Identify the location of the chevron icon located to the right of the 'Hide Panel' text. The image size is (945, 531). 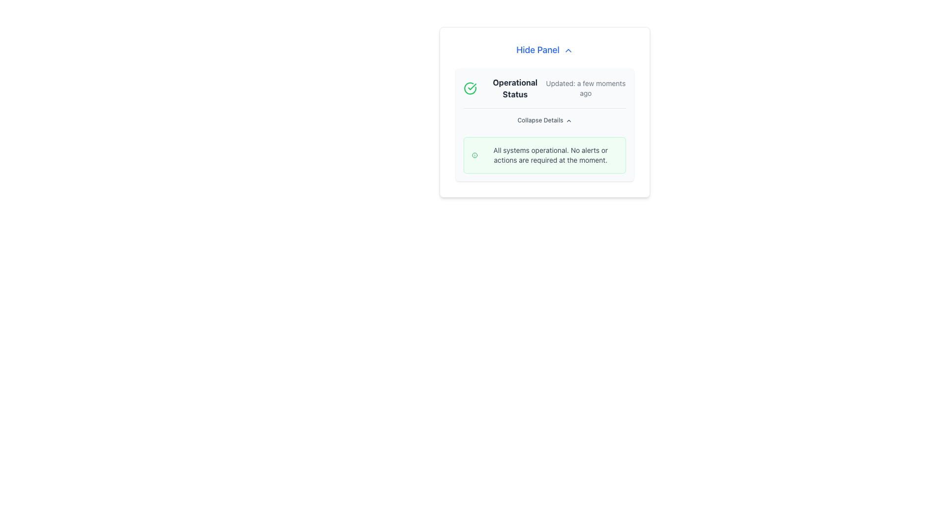
(568, 51).